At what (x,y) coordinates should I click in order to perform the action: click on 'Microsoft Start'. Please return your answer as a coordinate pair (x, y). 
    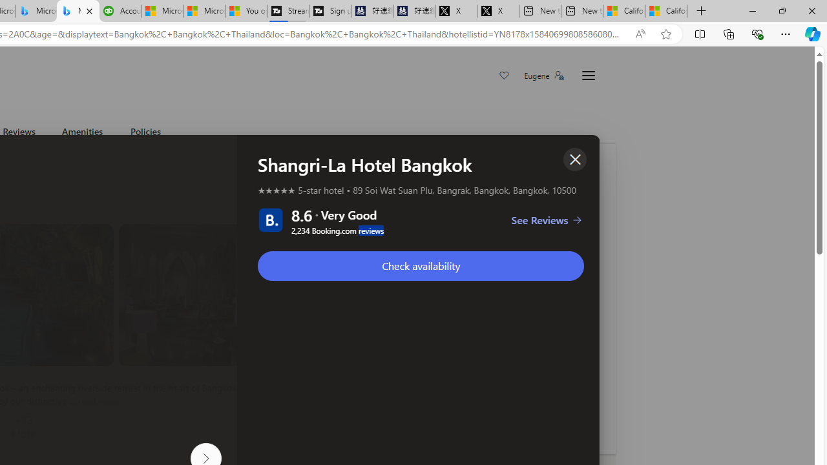
    Looking at the image, I should click on (204, 11).